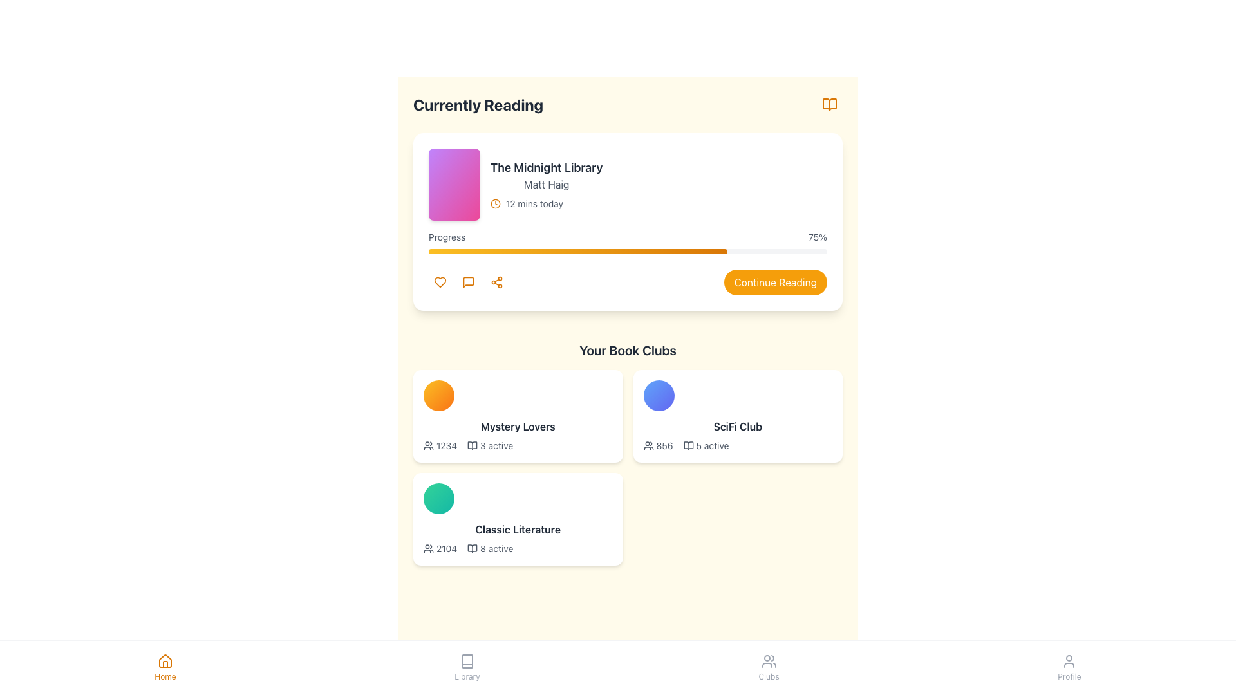 This screenshot has height=695, width=1236. Describe the element at coordinates (164, 662) in the screenshot. I see `the home icon, which is the leftmost item in the bottom navigation bar` at that location.